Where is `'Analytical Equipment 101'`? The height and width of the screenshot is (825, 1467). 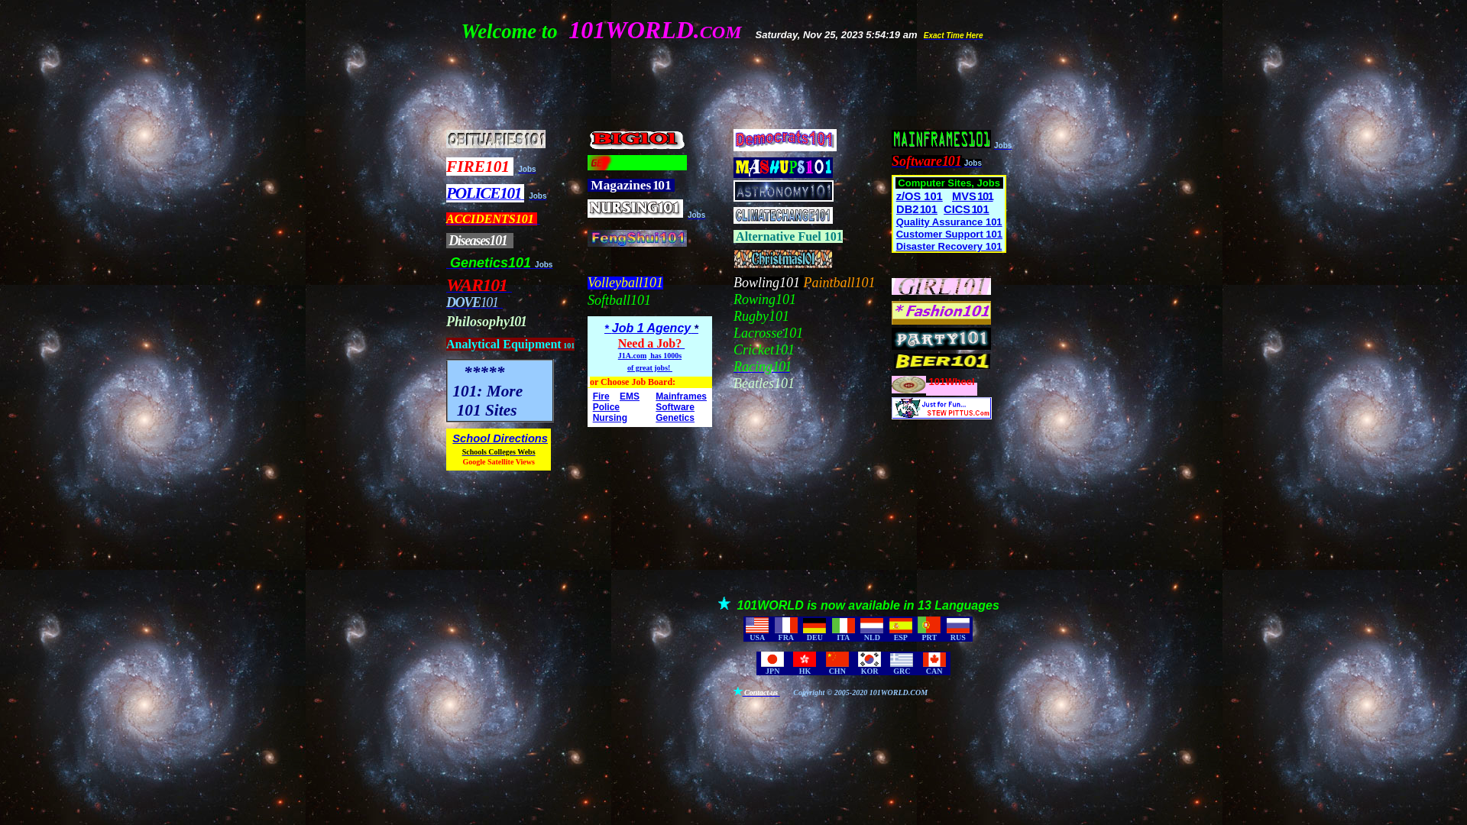 'Analytical Equipment 101' is located at coordinates (510, 344).